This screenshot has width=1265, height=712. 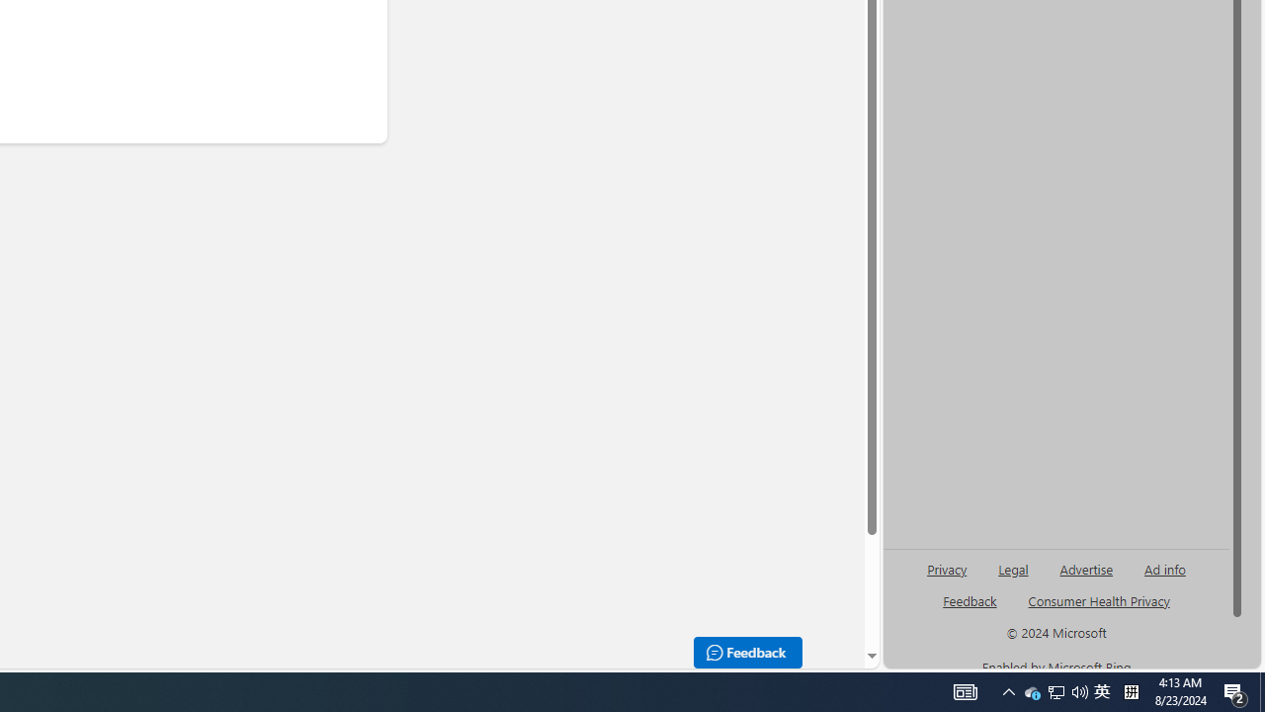 I want to click on 'AutomationID: sb_feedback', so click(x=970, y=599).